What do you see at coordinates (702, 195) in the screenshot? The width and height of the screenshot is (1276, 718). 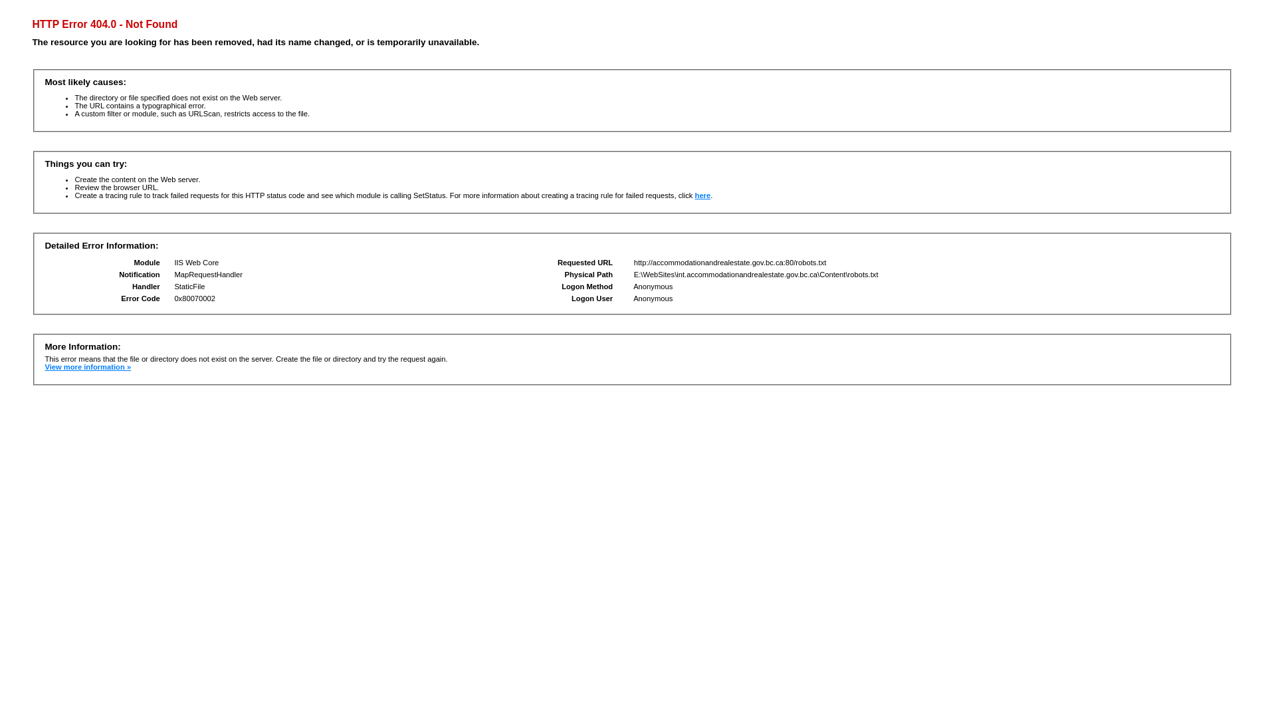 I see `'here'` at bounding box center [702, 195].